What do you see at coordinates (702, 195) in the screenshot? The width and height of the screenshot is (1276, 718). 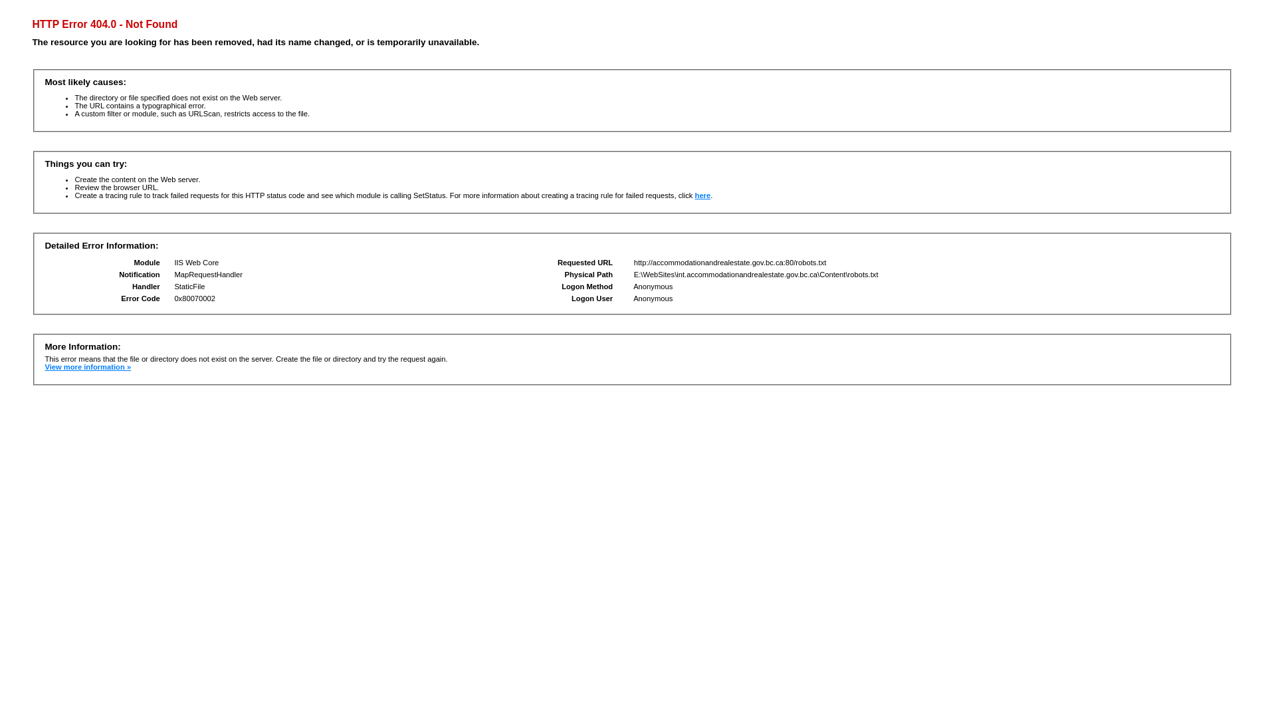 I see `'here'` at bounding box center [702, 195].